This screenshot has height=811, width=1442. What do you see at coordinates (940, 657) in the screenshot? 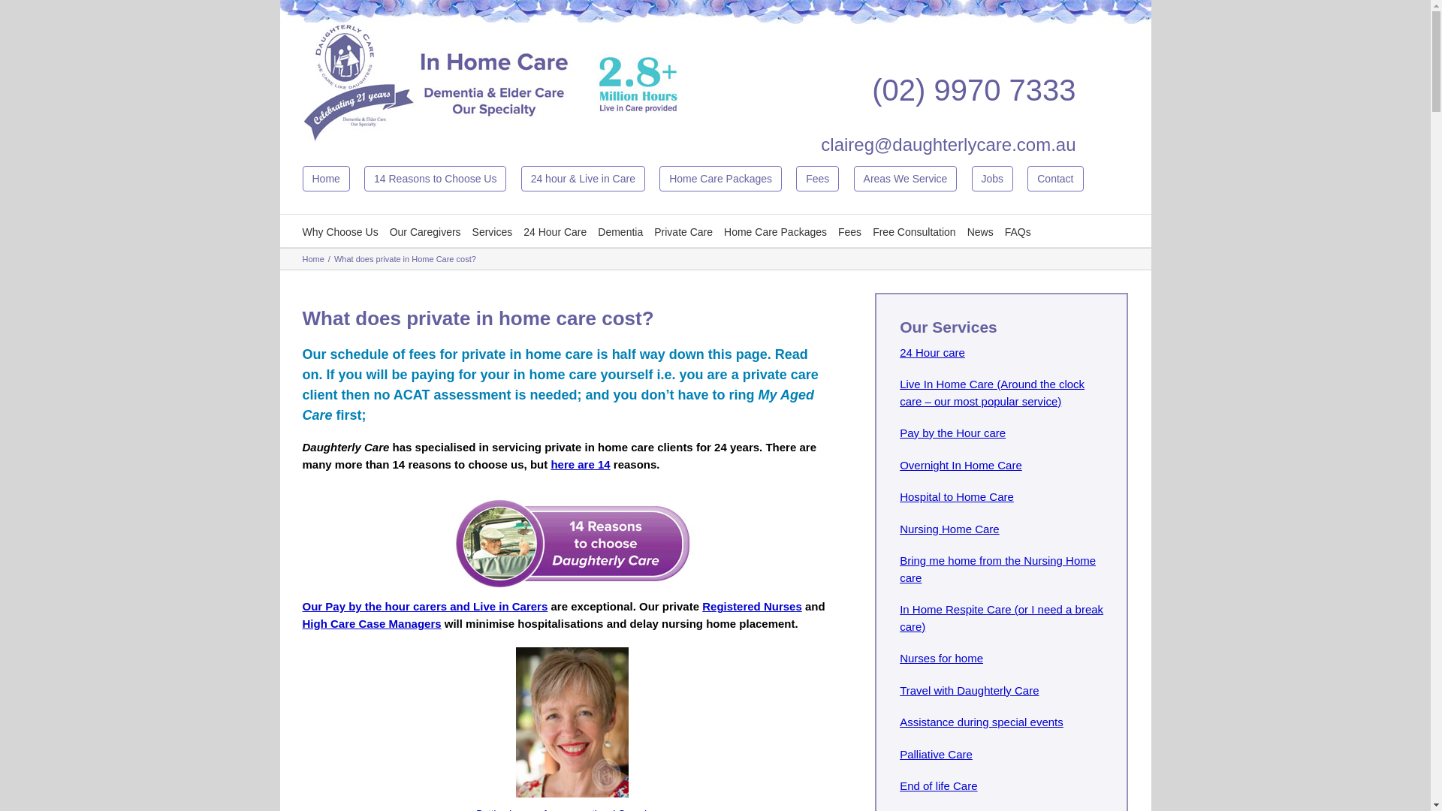
I see `'Nurses for home'` at bounding box center [940, 657].